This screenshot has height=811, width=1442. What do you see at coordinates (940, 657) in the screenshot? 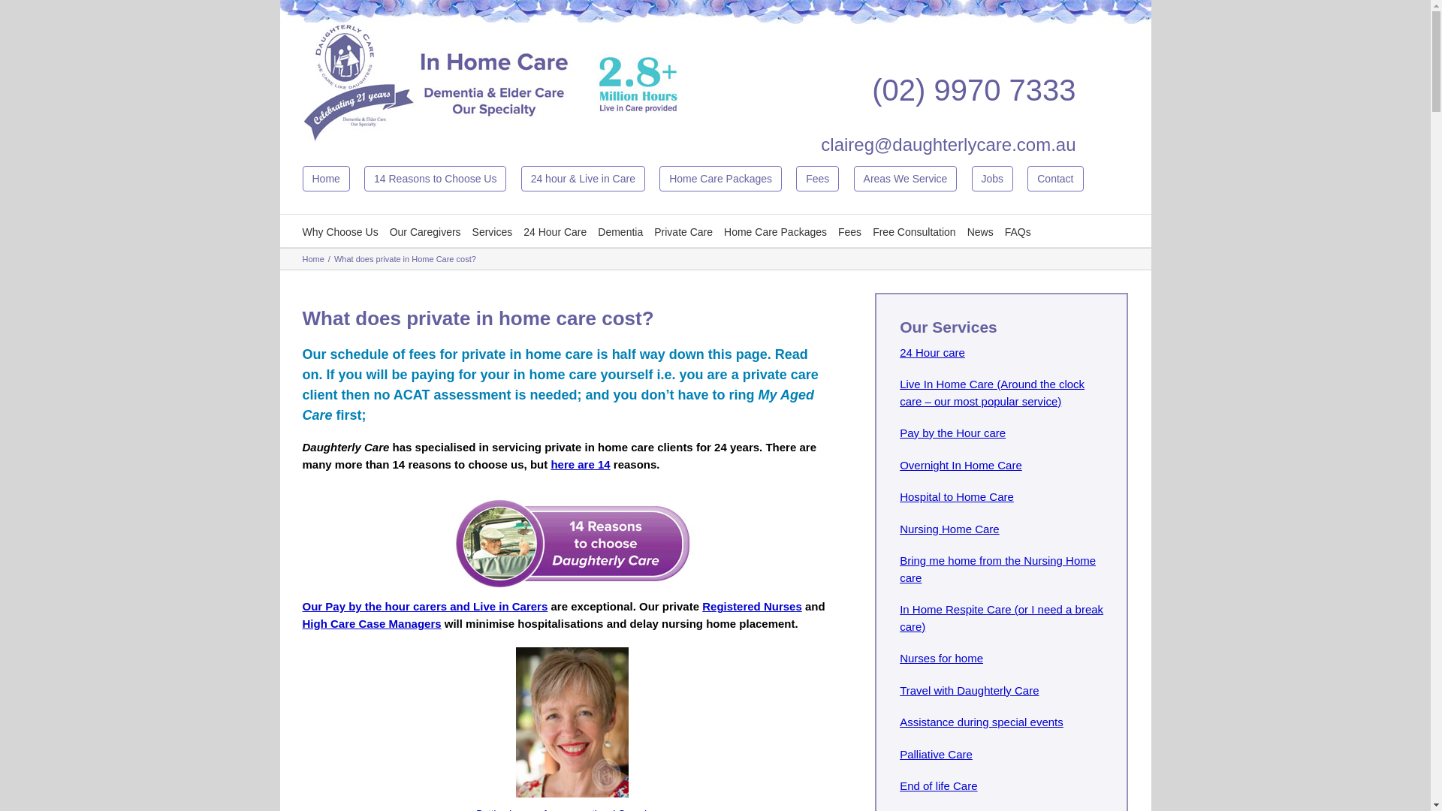
I see `'Nurses for home'` at bounding box center [940, 657].